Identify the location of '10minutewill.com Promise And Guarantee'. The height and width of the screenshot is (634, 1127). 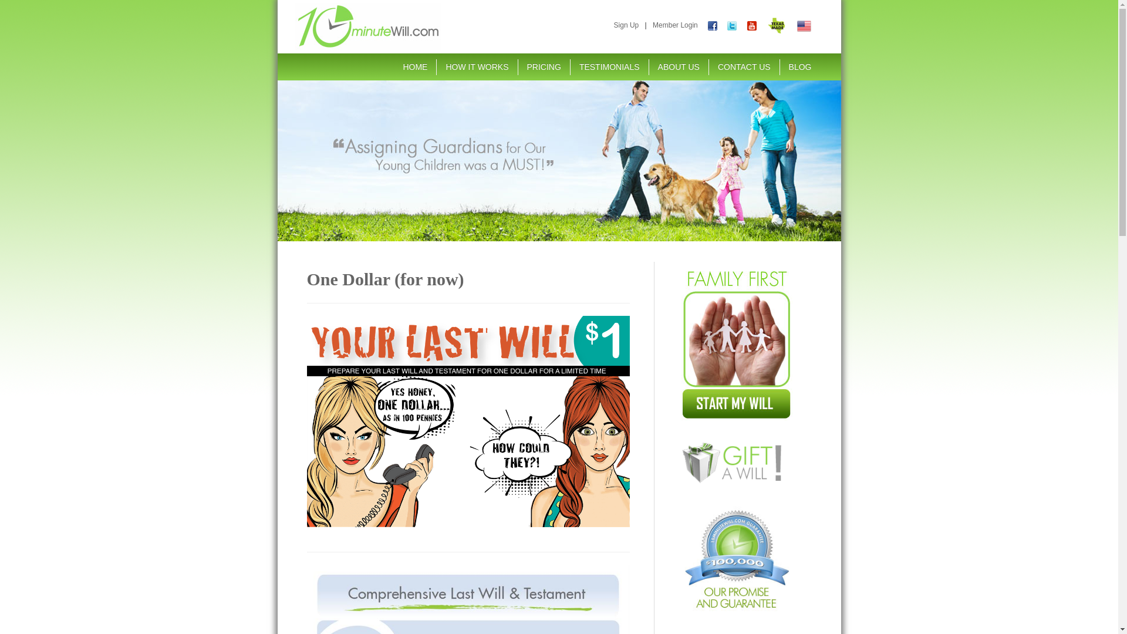
(735, 558).